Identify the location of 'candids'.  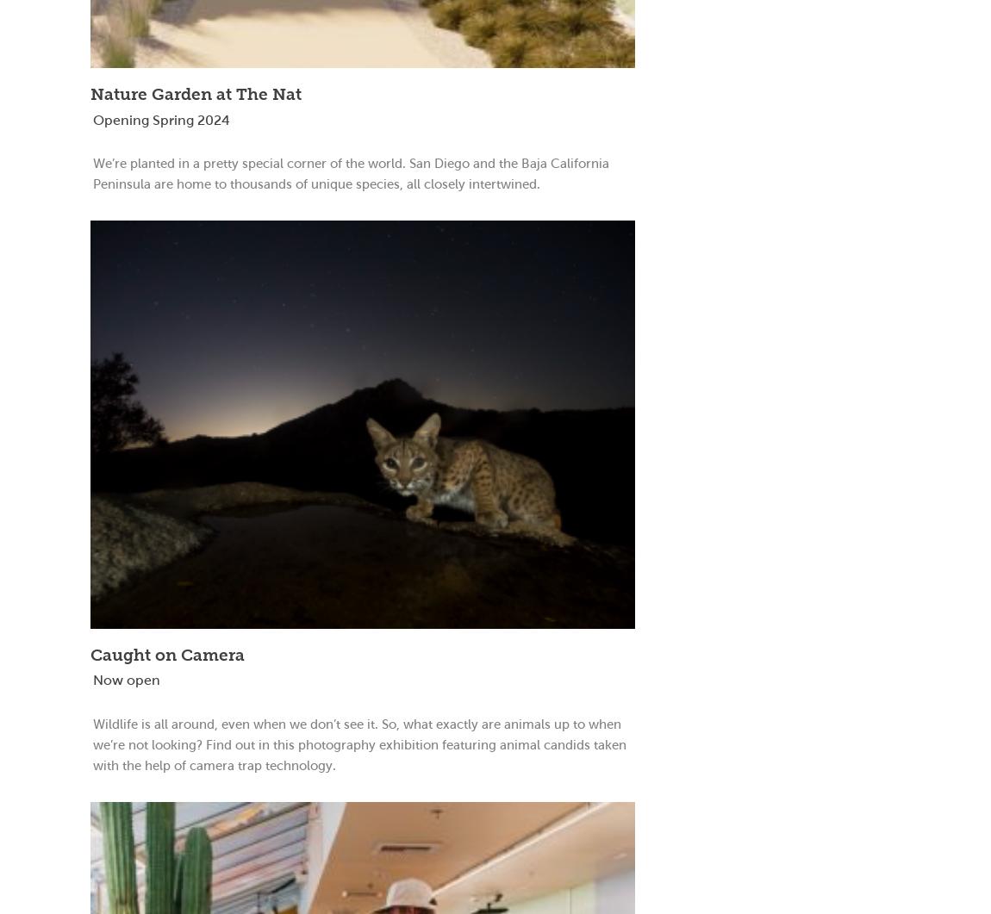
(566, 743).